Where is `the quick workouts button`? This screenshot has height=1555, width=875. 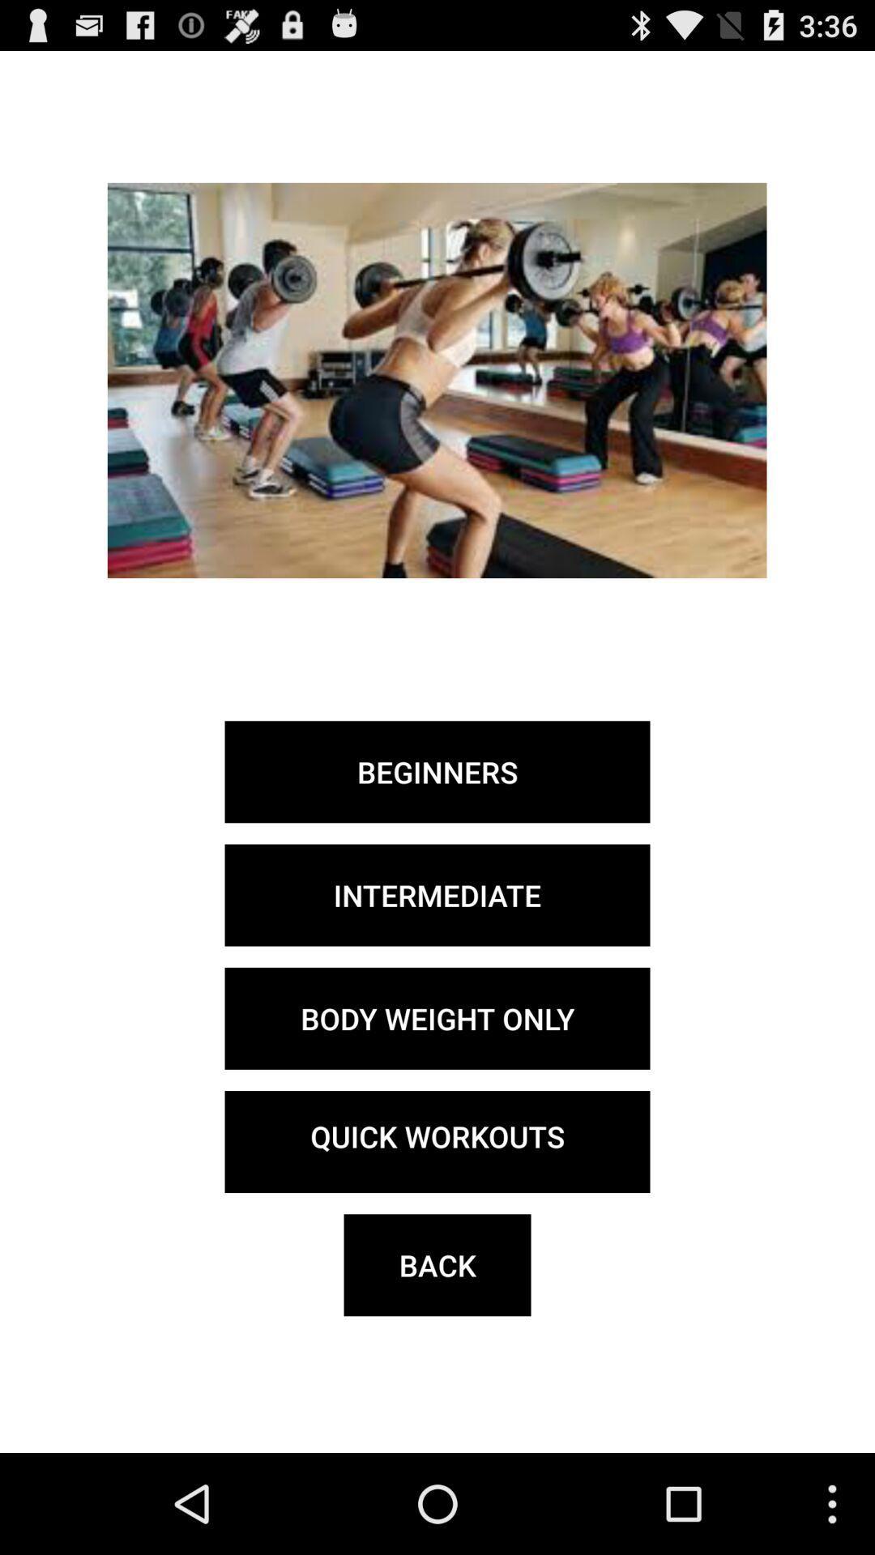 the quick workouts button is located at coordinates (437, 1141).